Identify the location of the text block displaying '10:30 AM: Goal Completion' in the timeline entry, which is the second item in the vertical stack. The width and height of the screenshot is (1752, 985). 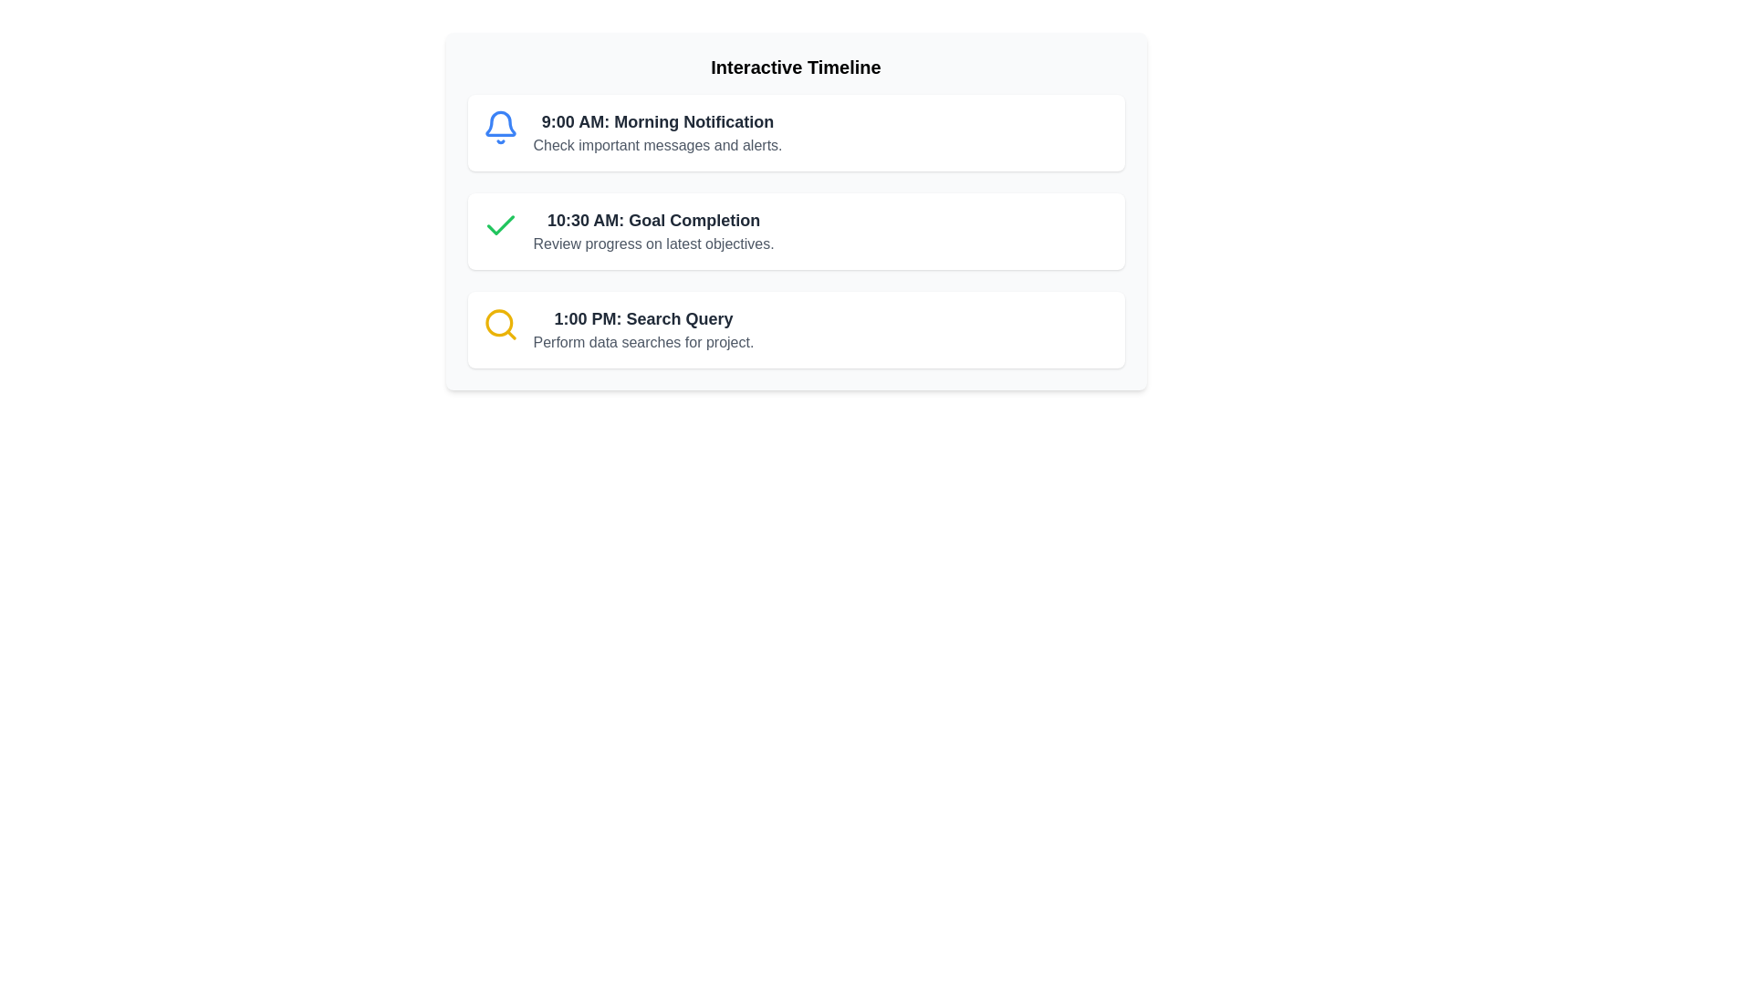
(653, 231).